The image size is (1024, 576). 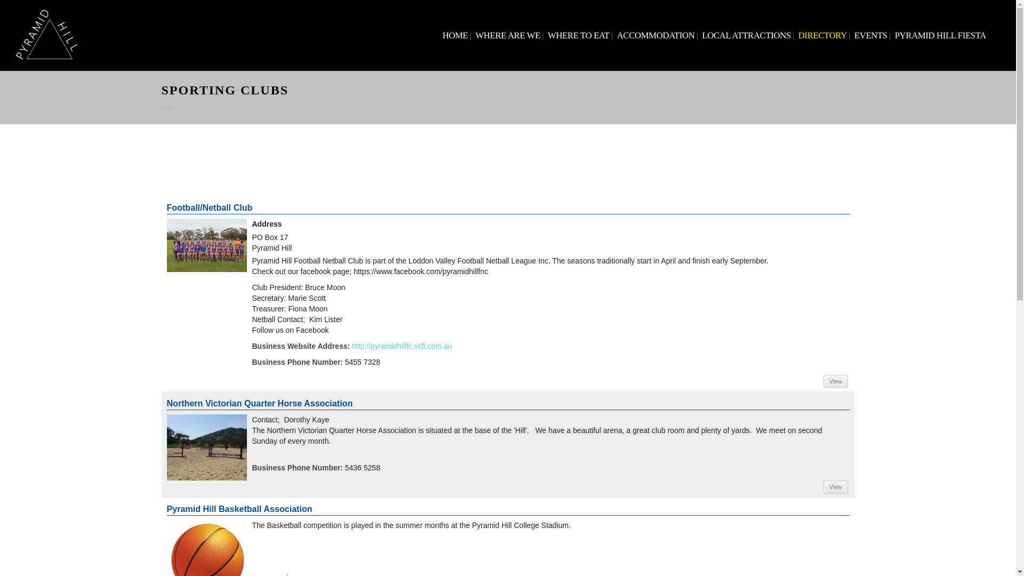 I want to click on 'Football/Netball Club', so click(x=206, y=245).